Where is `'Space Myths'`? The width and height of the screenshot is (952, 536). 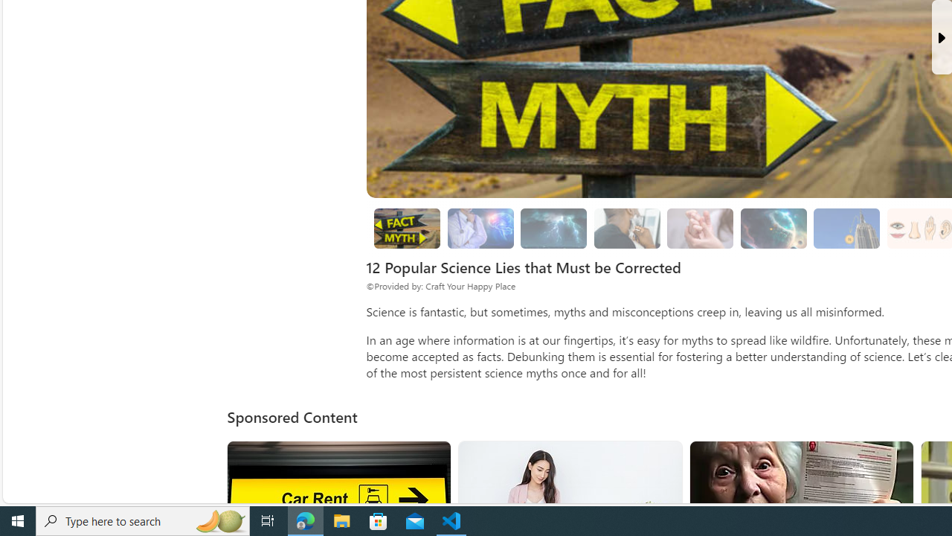
'Space Myths' is located at coordinates (773, 229).